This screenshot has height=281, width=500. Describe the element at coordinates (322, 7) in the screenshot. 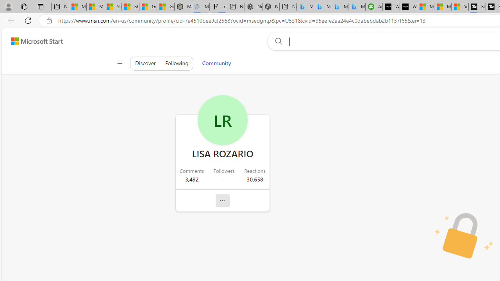

I see `'Microsoft Bing Travel - Stays in Bangkok, Bangkok, Thailand'` at that location.